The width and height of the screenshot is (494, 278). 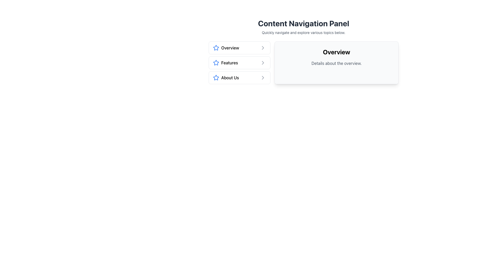 I want to click on the 'About Us' button, which is the third button in the navigation panel, so click(x=239, y=77).